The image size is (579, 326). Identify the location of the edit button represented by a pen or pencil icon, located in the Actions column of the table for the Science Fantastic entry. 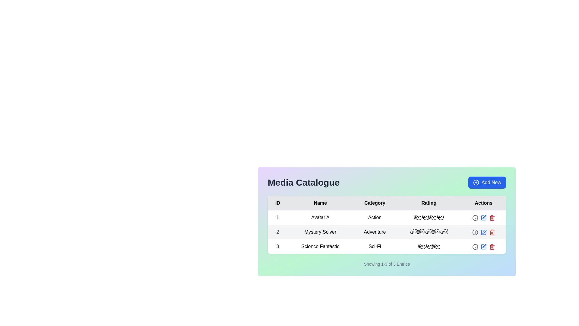
(483, 247).